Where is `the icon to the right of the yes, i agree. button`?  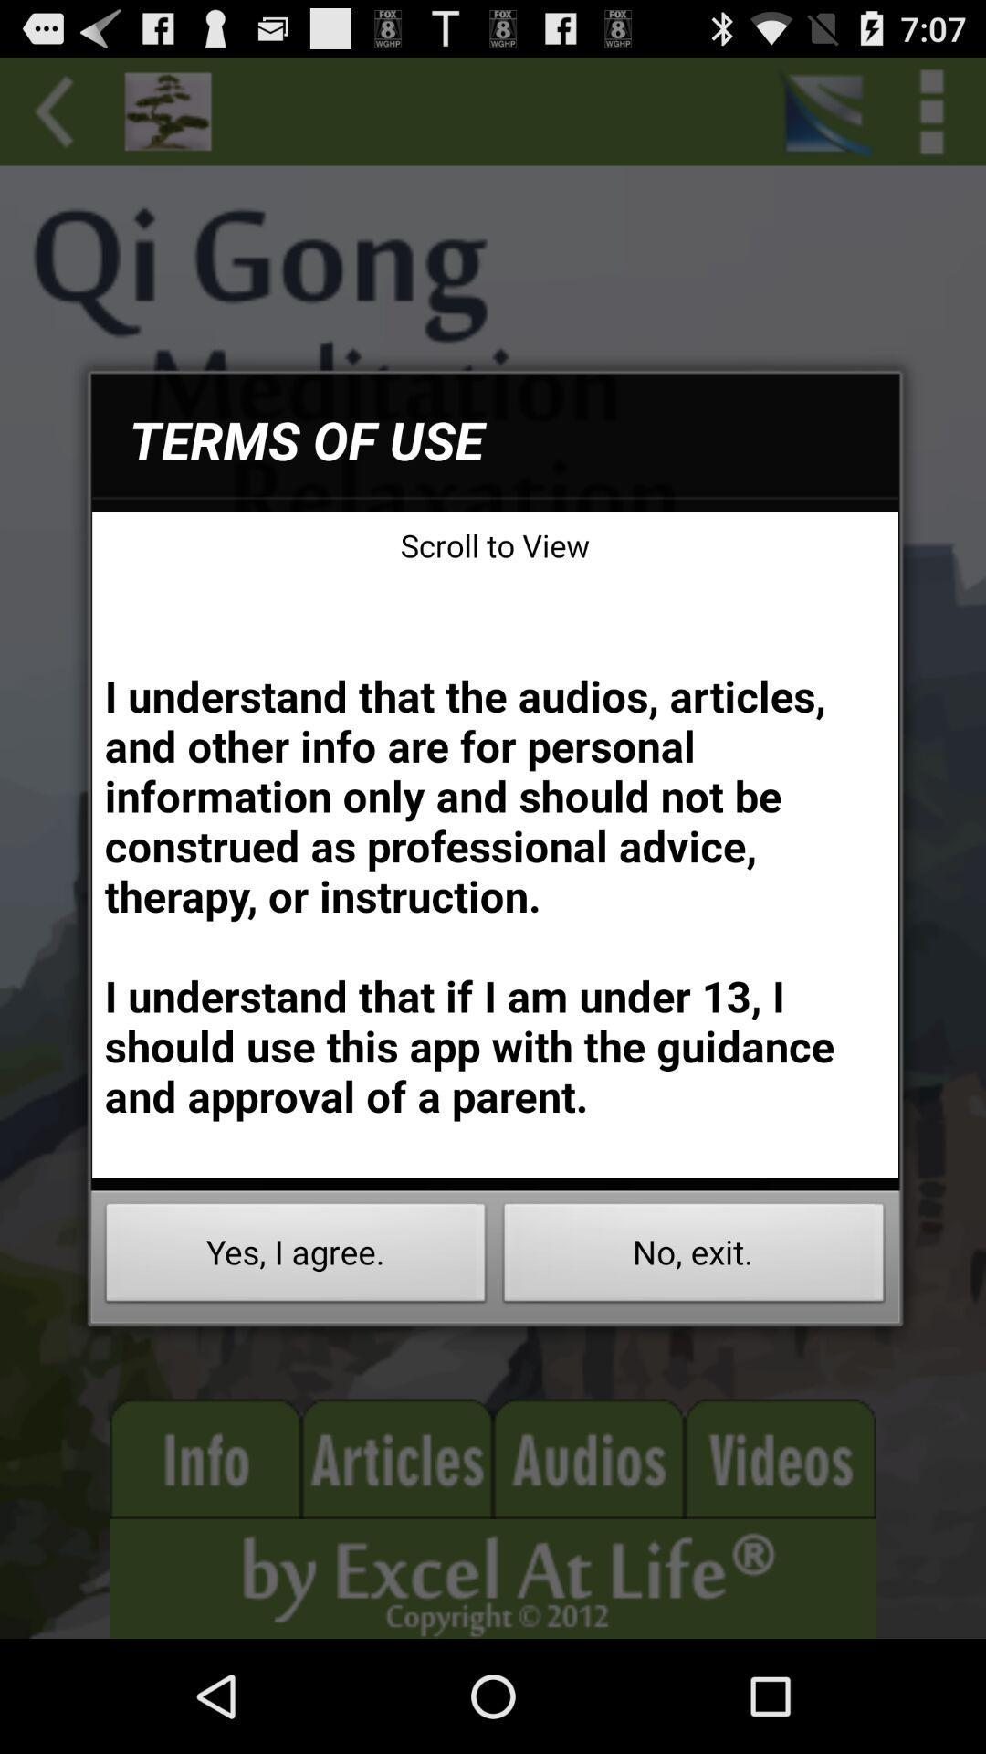 the icon to the right of the yes, i agree. button is located at coordinates (694, 1257).